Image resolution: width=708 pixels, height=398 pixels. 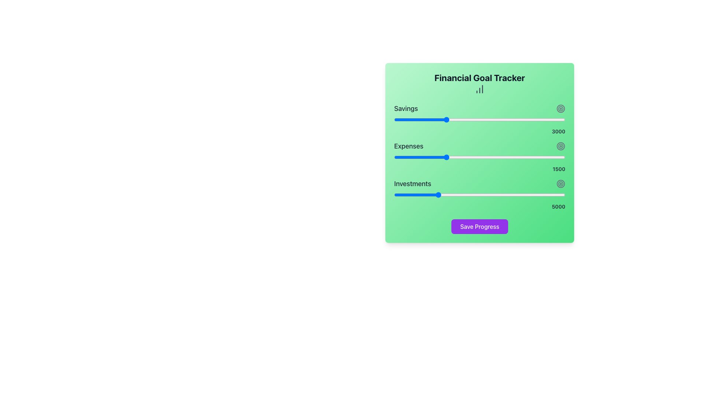 What do you see at coordinates (479, 83) in the screenshot?
I see `the header titled 'Financial Goal Tracker', located at the top of the widget with a green gradient background` at bounding box center [479, 83].